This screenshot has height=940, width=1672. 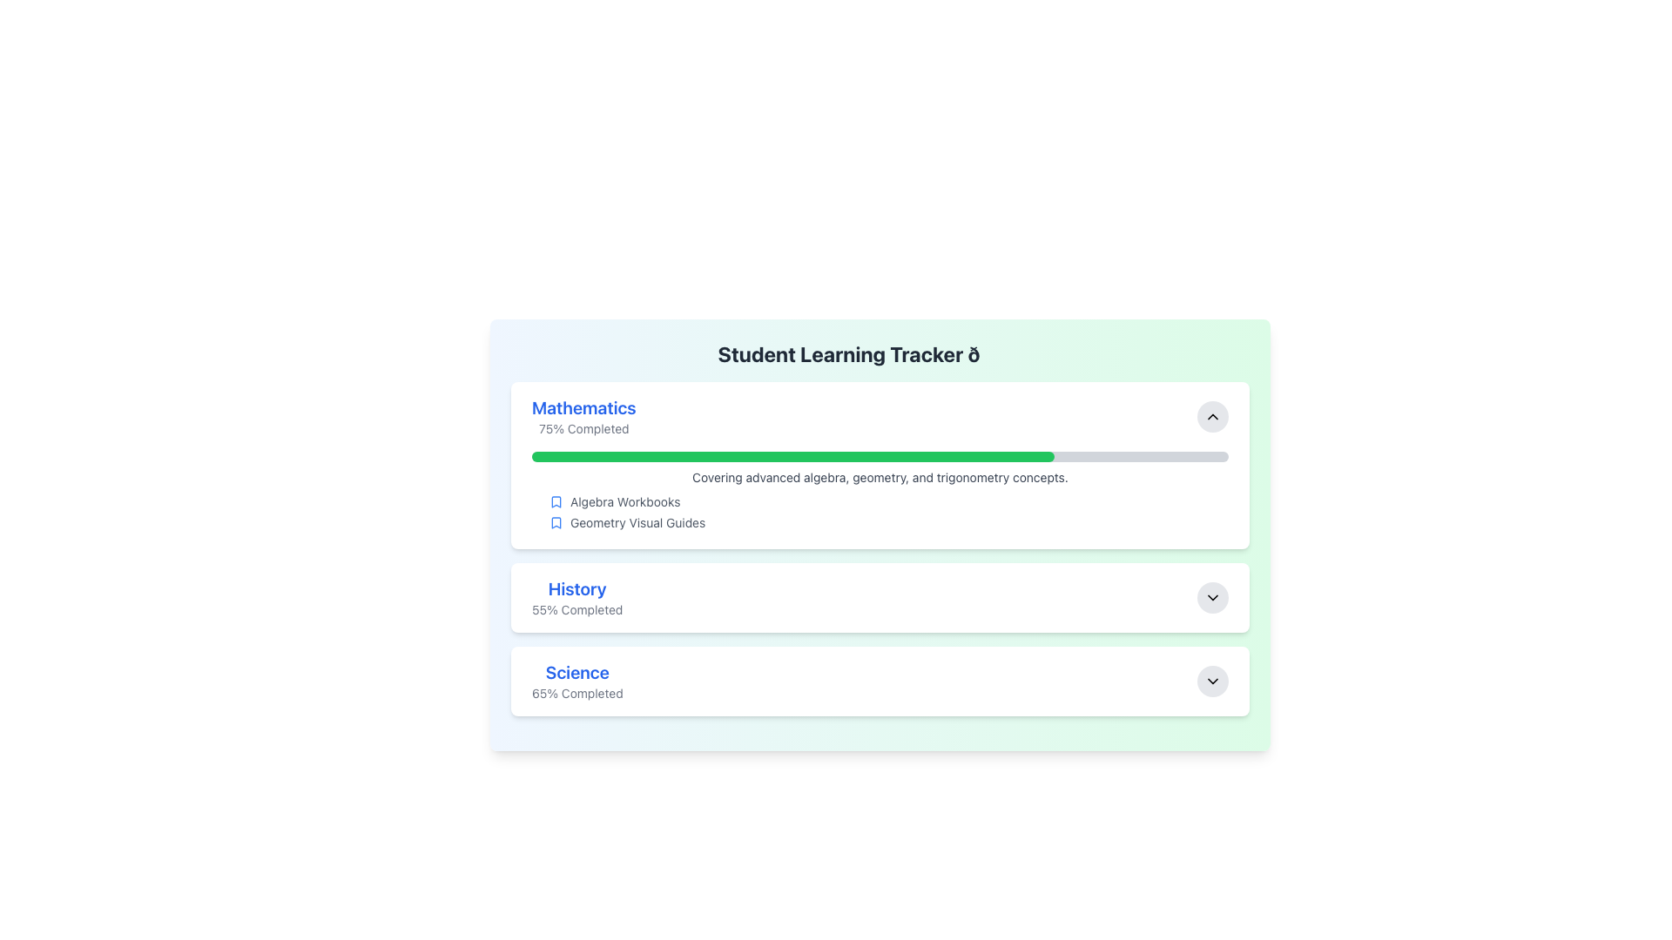 I want to click on the Science progress card within the Student Learning Tracker, which displays completion percentage and can be expanded for more details, so click(x=880, y=681).